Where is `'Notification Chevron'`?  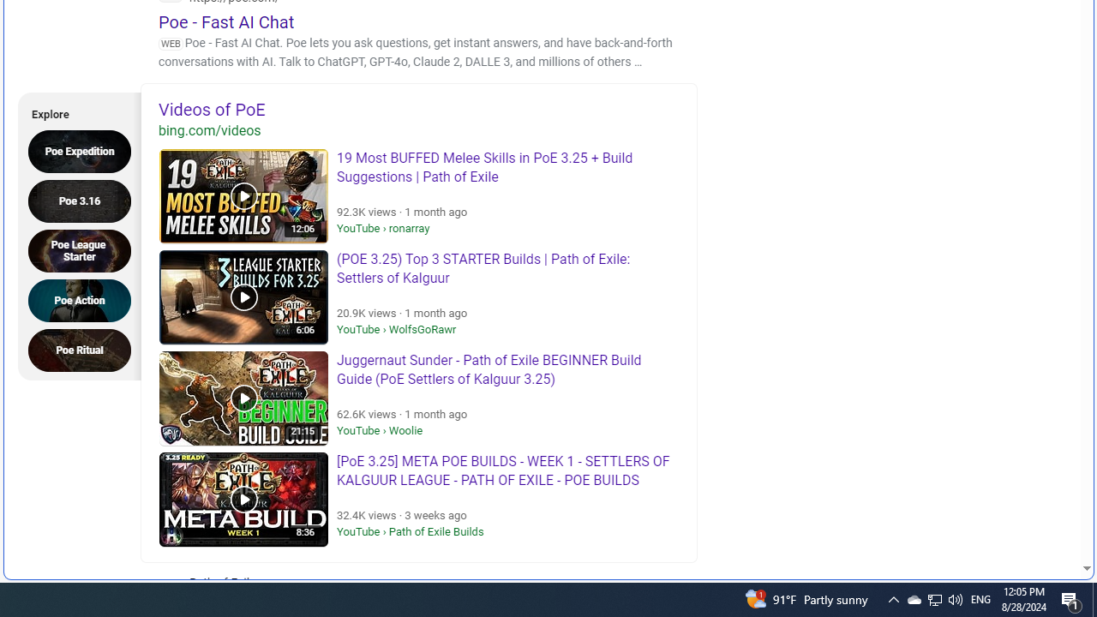 'Notification Chevron' is located at coordinates (934, 598).